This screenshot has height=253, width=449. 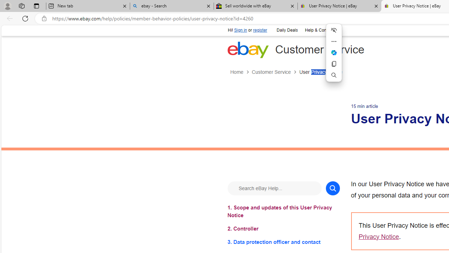 I want to click on 'Mini menu on text selection', so click(x=334, y=52).